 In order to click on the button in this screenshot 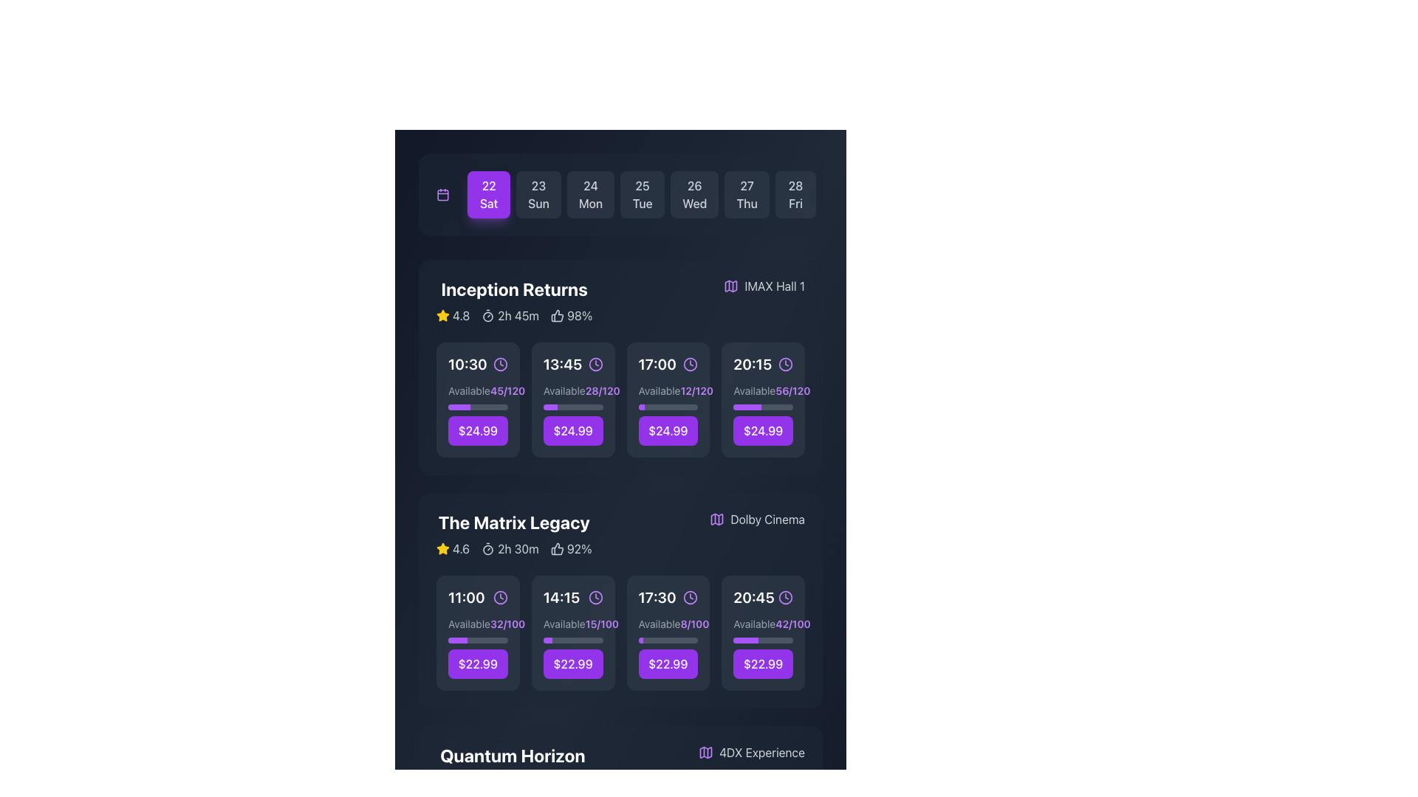, I will do `click(572, 415)`.